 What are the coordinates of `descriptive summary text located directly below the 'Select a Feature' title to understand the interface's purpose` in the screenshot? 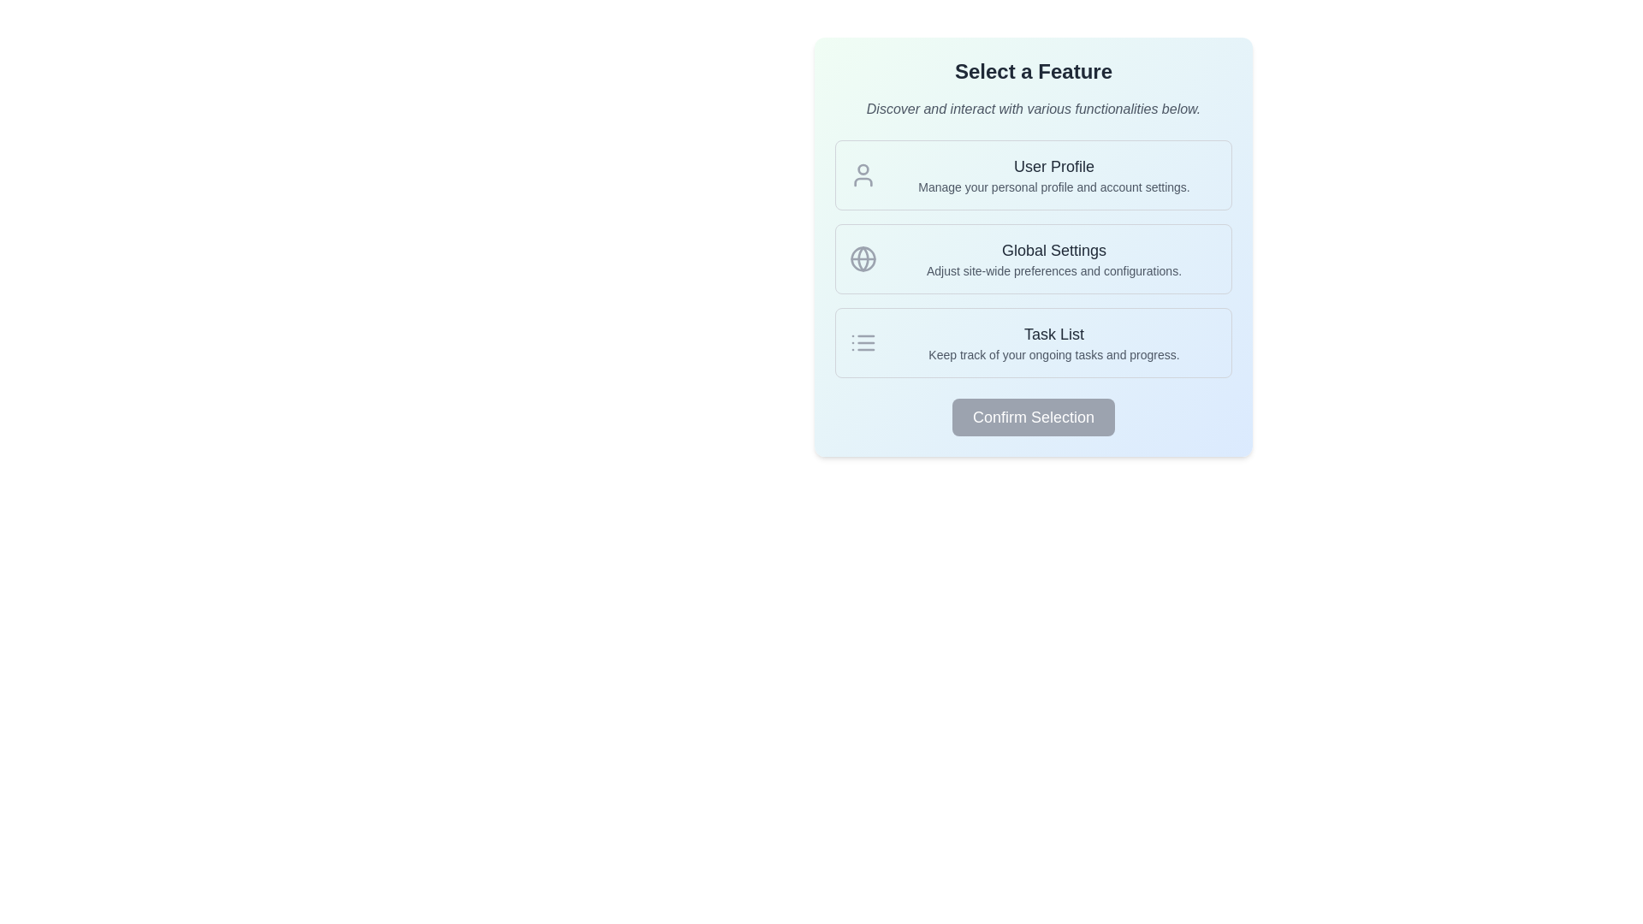 It's located at (1033, 109).